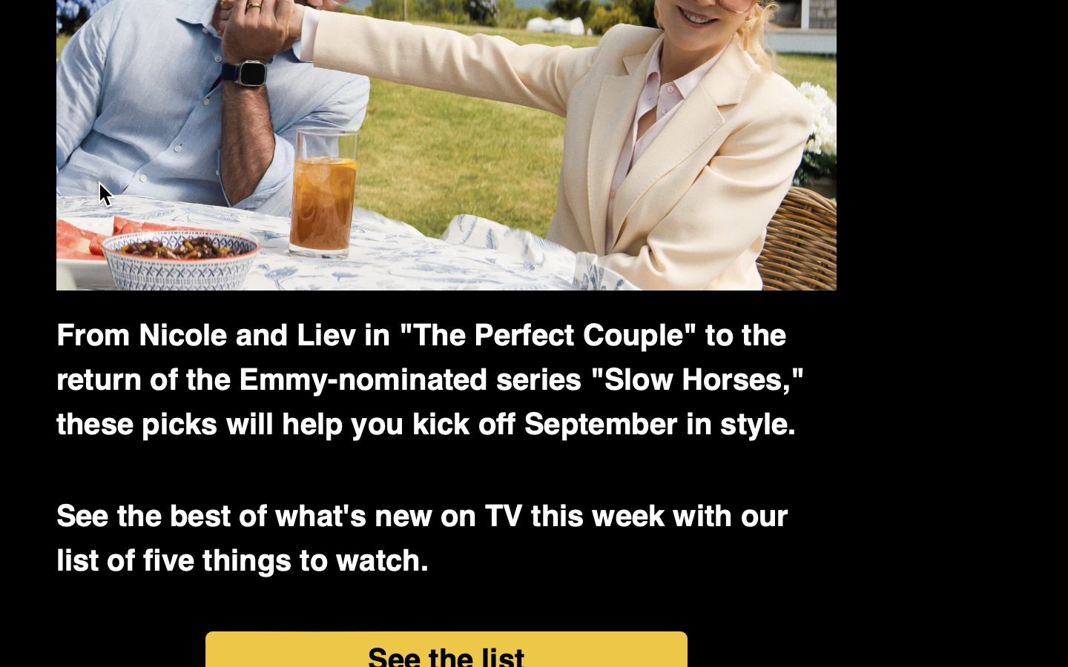 Image resolution: width=1068 pixels, height=667 pixels. Describe the element at coordinates (422, 538) in the screenshot. I see `'See the best of what'` at that location.